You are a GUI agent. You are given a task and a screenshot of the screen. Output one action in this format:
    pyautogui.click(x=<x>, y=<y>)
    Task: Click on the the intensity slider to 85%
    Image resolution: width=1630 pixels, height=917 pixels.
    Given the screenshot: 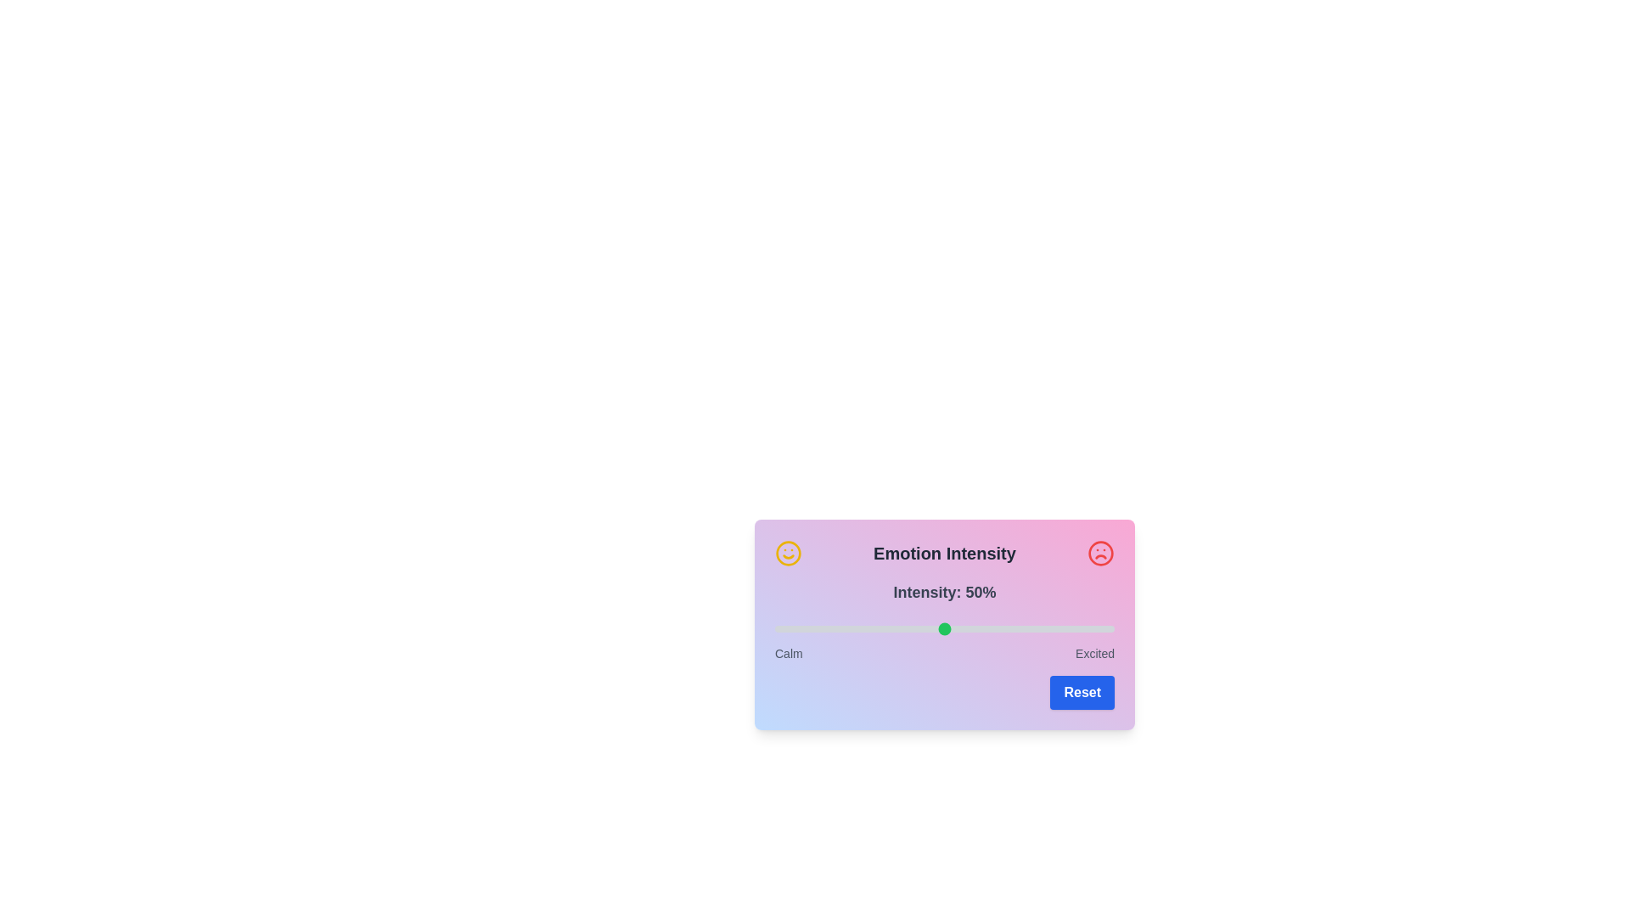 What is the action you would take?
    pyautogui.click(x=1062, y=628)
    